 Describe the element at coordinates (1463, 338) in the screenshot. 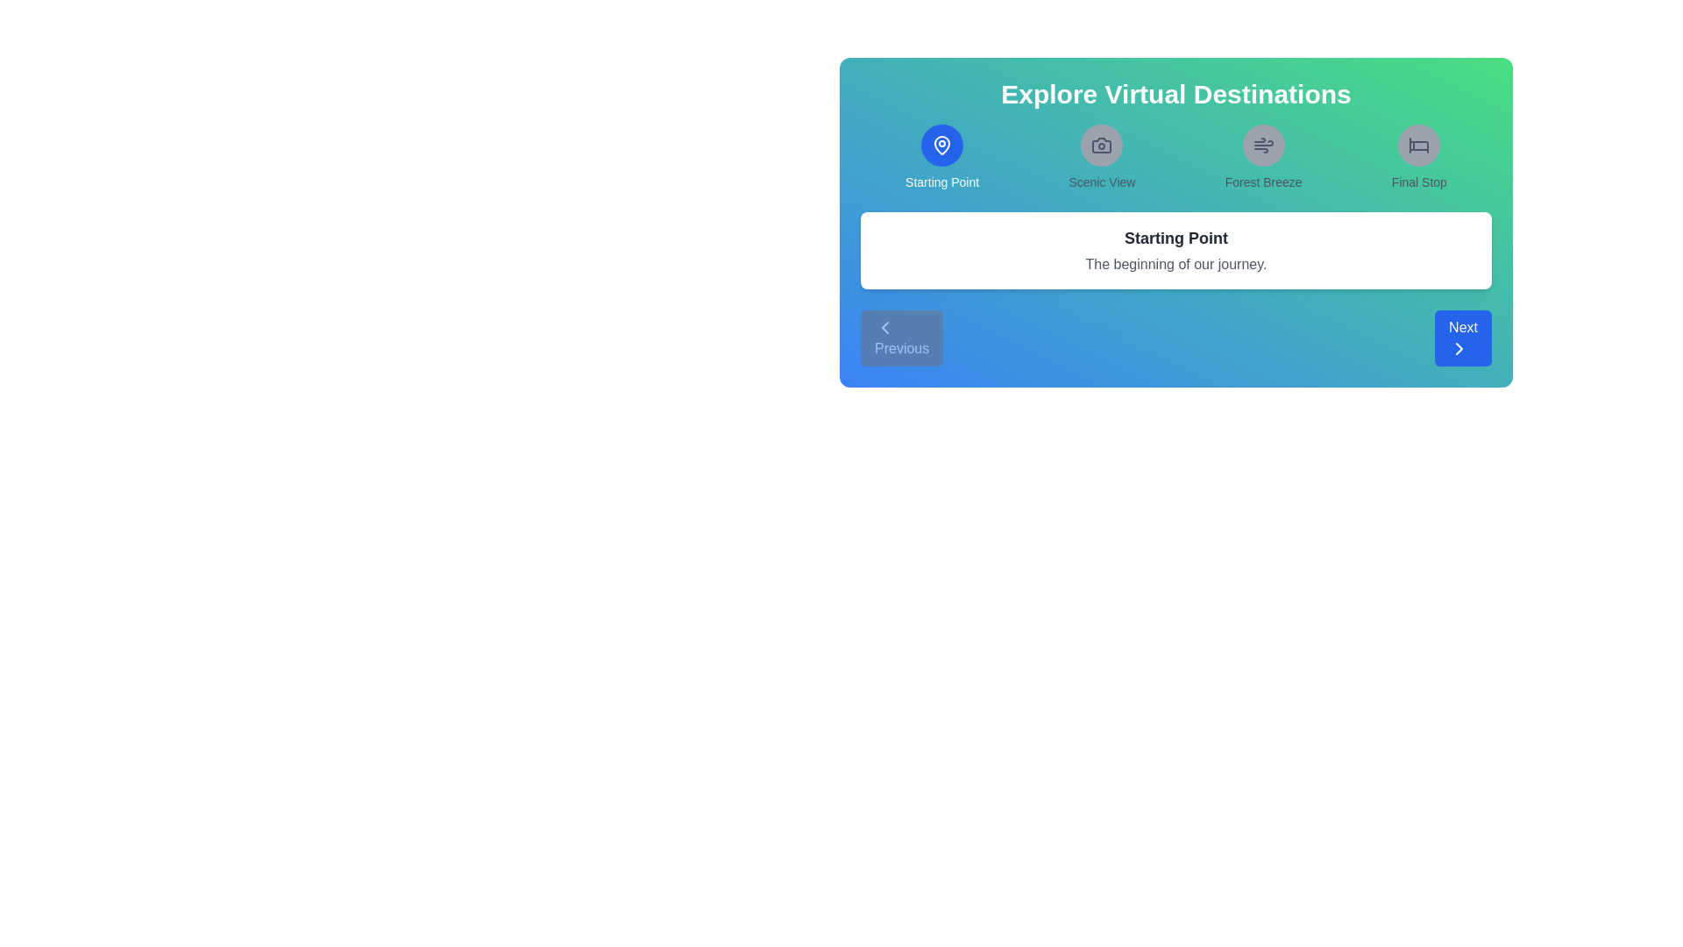

I see `'Next' button to navigate to the next location` at that location.